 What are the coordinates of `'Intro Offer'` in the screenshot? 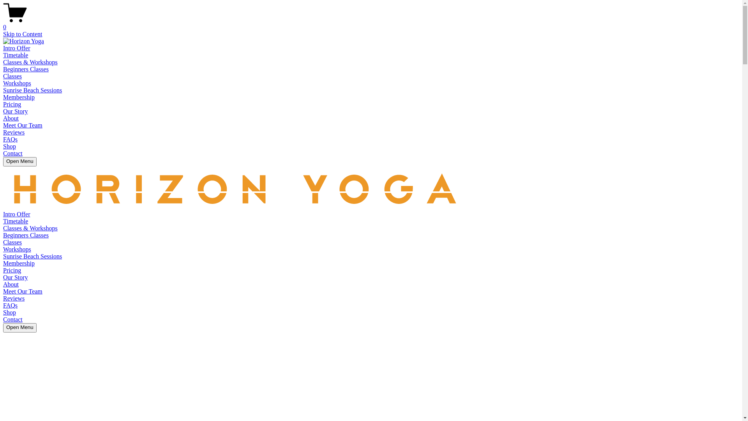 It's located at (16, 214).